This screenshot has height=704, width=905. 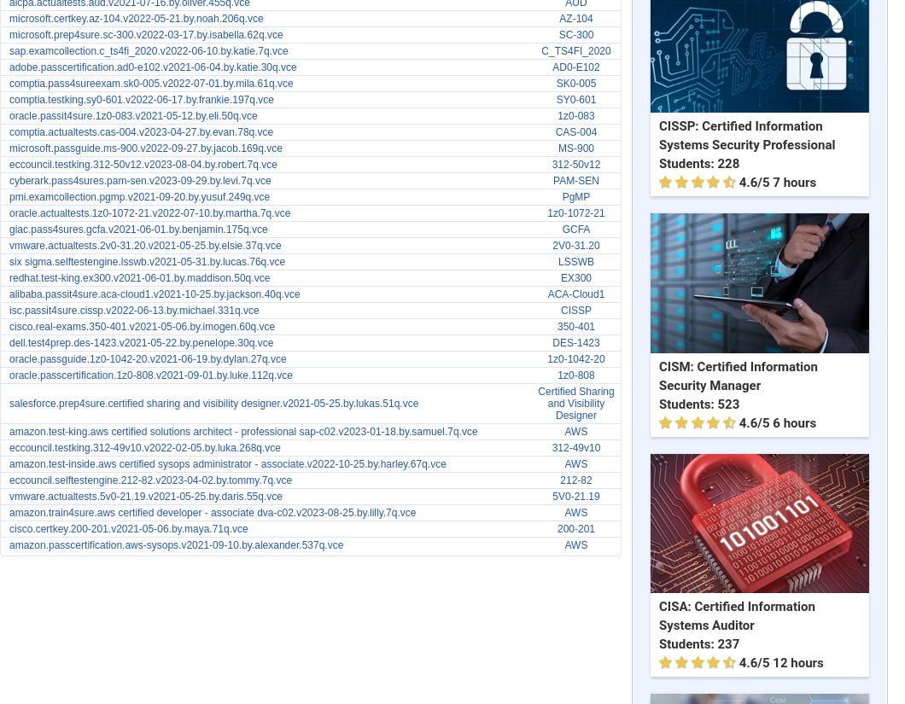 I want to click on '312-49v10', so click(x=551, y=447).